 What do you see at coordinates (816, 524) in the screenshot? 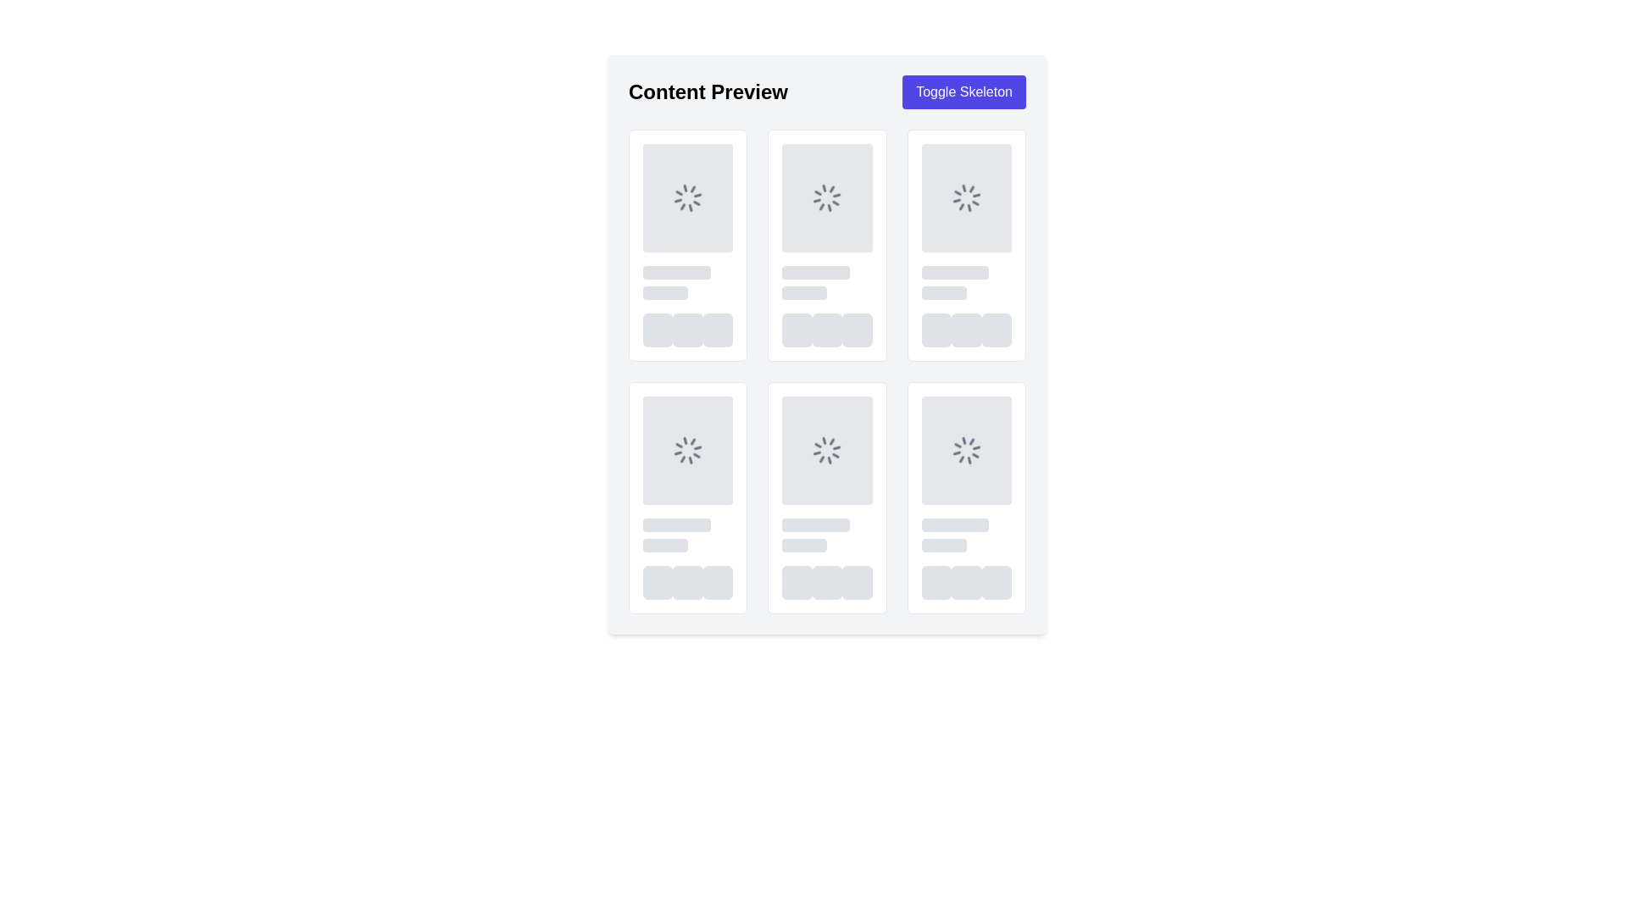
I see `the gray rectangular placeholder with rounded corners located in the second entry of the bottom row of a 3x2 grid layout` at bounding box center [816, 524].